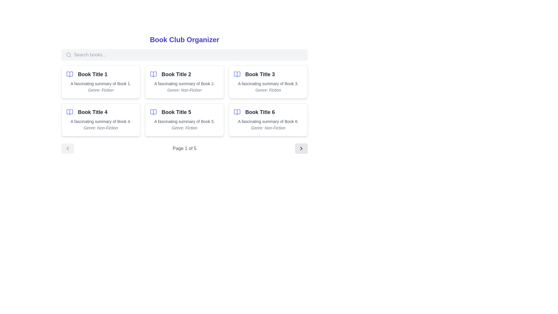 The width and height of the screenshot is (558, 314). Describe the element at coordinates (70, 112) in the screenshot. I see `the open book icon representing 'Book Title 4', which is located next to the label for improved aesthetics and user experience` at that location.